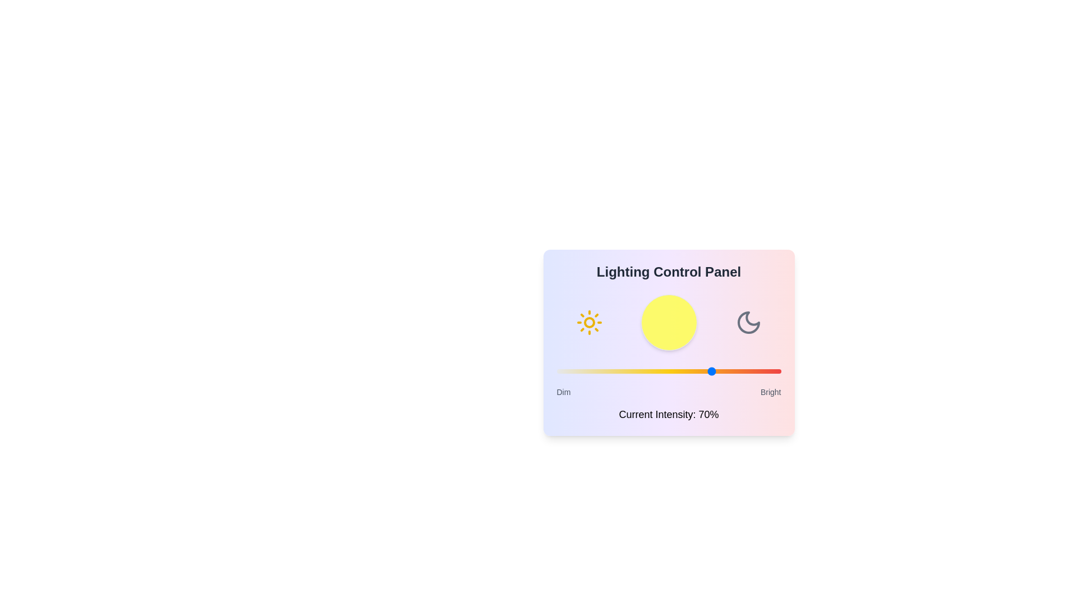  Describe the element at coordinates (556, 371) in the screenshot. I see `the lighting intensity to 0% by dragging the slider` at that location.